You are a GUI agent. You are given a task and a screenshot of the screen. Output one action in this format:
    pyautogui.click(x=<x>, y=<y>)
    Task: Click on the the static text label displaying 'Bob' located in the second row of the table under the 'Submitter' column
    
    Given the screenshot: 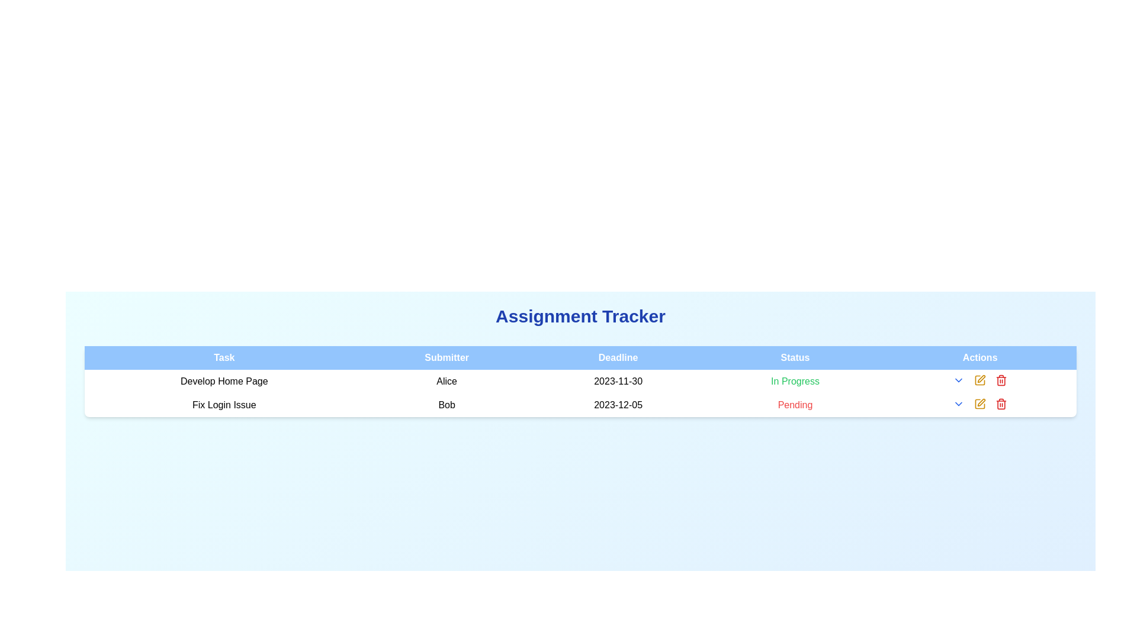 What is the action you would take?
    pyautogui.click(x=446, y=405)
    